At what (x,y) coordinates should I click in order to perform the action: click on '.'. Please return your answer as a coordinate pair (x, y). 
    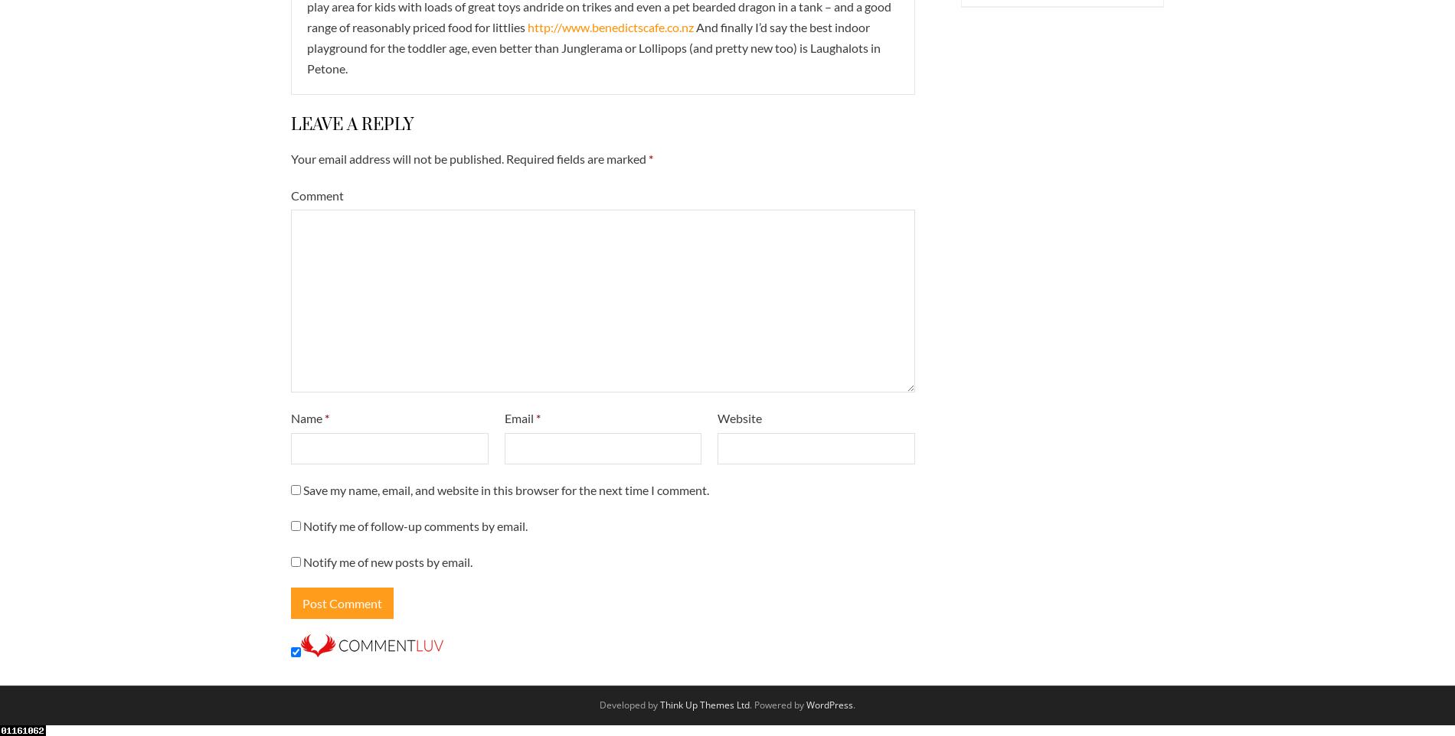
    Looking at the image, I should click on (854, 705).